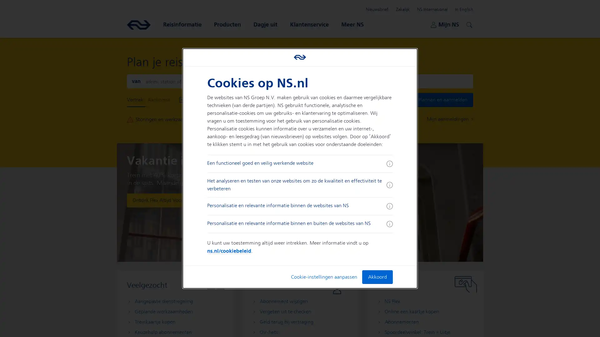 This screenshot has height=337, width=600. I want to click on Meer informatie ingeklapt, so click(389, 206).